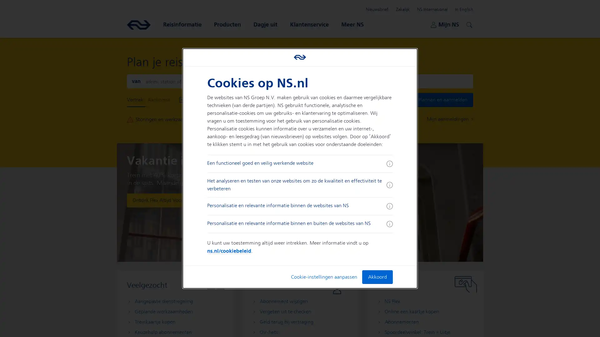 This screenshot has height=337, width=600. I want to click on Meer informatie ingeklapt, so click(389, 206).